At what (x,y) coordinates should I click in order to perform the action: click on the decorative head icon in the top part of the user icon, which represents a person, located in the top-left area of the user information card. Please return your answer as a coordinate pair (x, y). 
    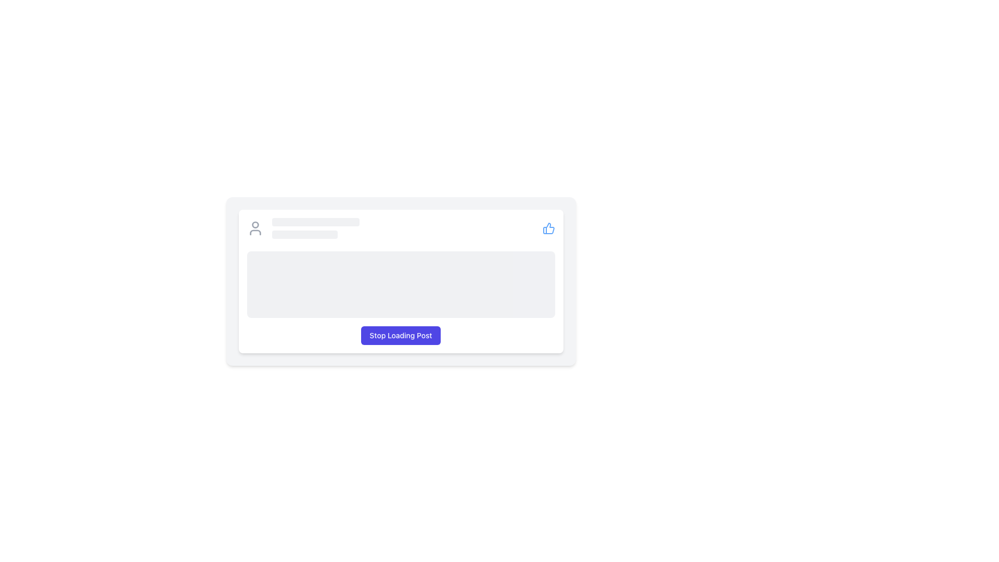
    Looking at the image, I should click on (255, 224).